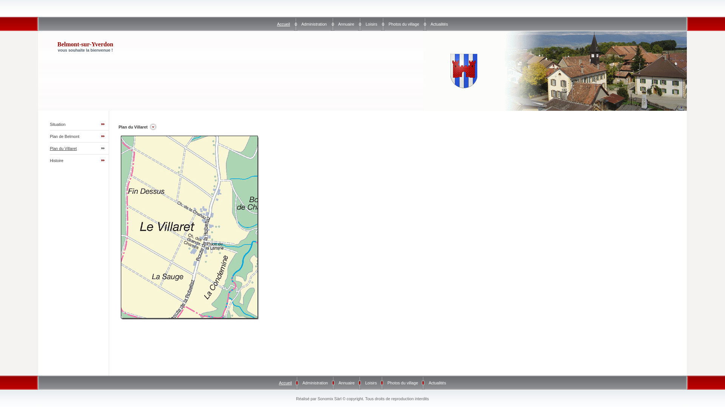 The width and height of the screenshot is (725, 407). I want to click on 'Situation', so click(49, 124).